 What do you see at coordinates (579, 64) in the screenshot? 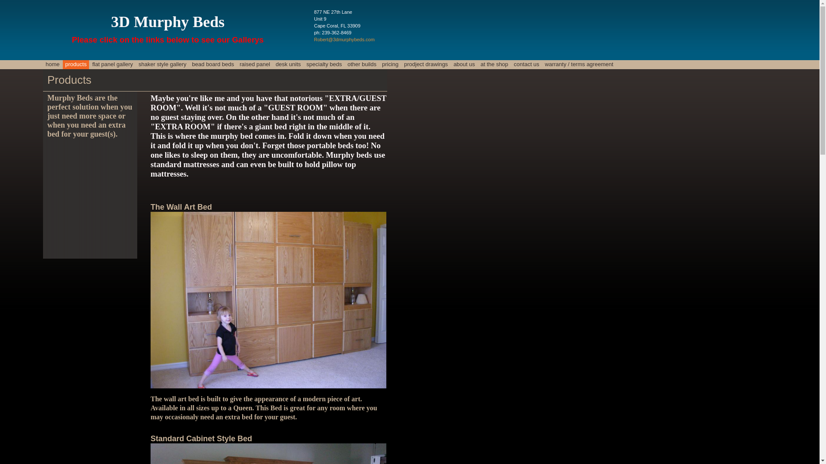
I see `'warranty / terms agreement'` at bounding box center [579, 64].